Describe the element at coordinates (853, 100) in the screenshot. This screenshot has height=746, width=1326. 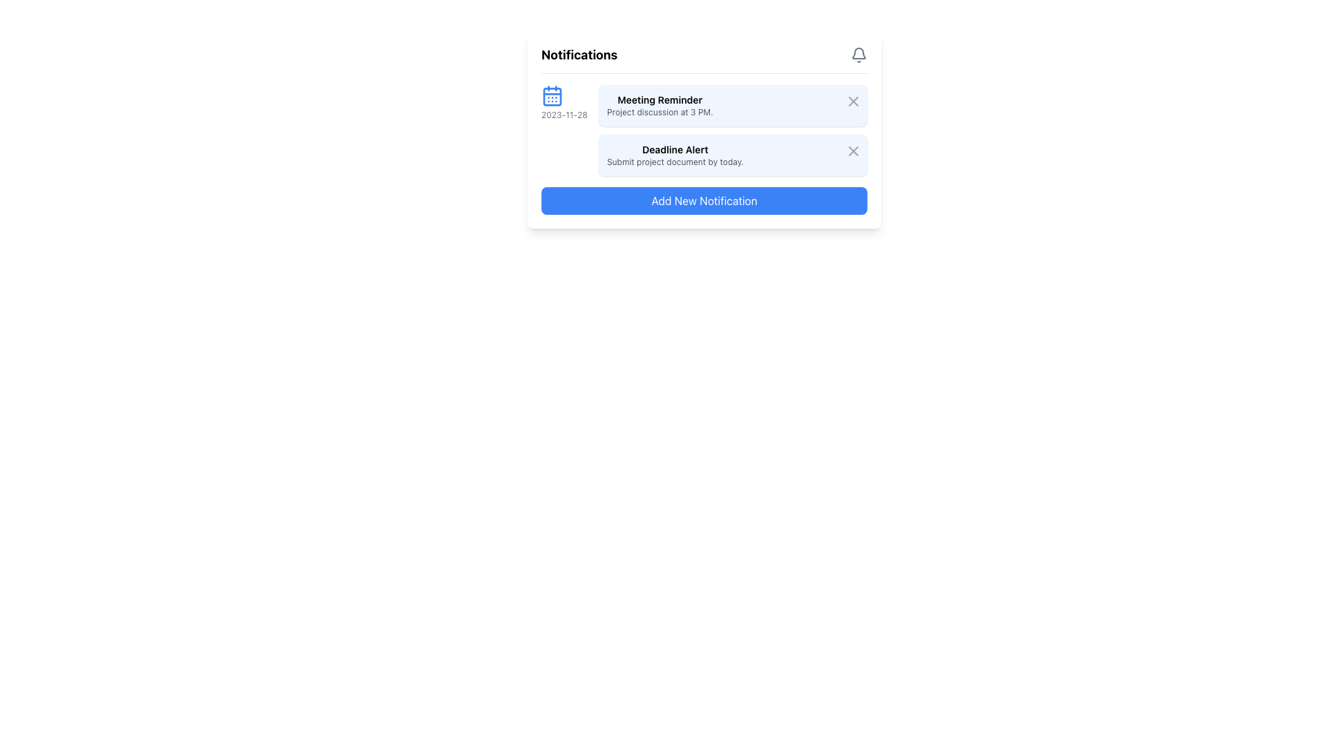
I see `the keyboard interaction on the dismiss button represented by a minimalistic 'X' shape located in the upper-right corner of the notification box containing the 'Meeting Reminder' and 'Deadline Alert' messages` at that location.